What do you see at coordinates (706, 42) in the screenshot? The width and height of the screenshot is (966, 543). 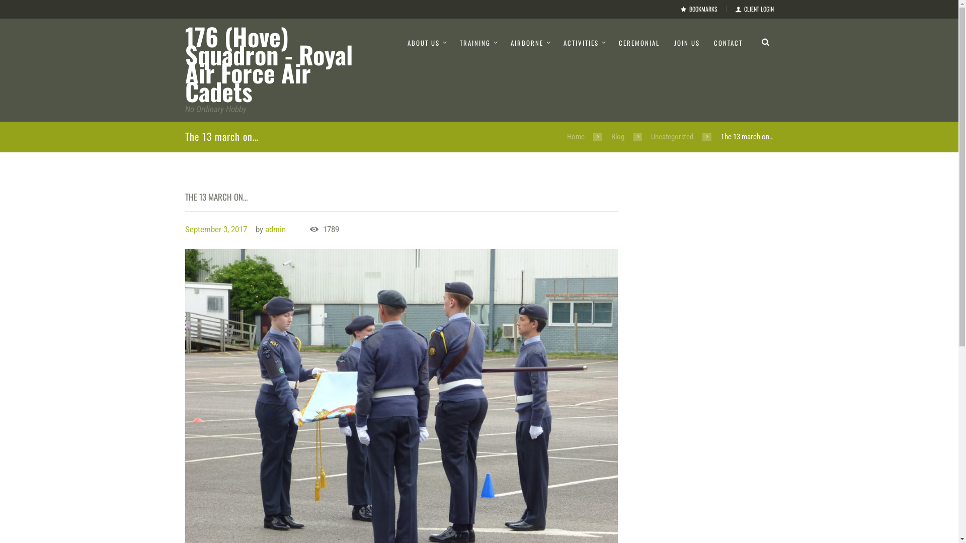 I see `'CONTACT'` at bounding box center [706, 42].